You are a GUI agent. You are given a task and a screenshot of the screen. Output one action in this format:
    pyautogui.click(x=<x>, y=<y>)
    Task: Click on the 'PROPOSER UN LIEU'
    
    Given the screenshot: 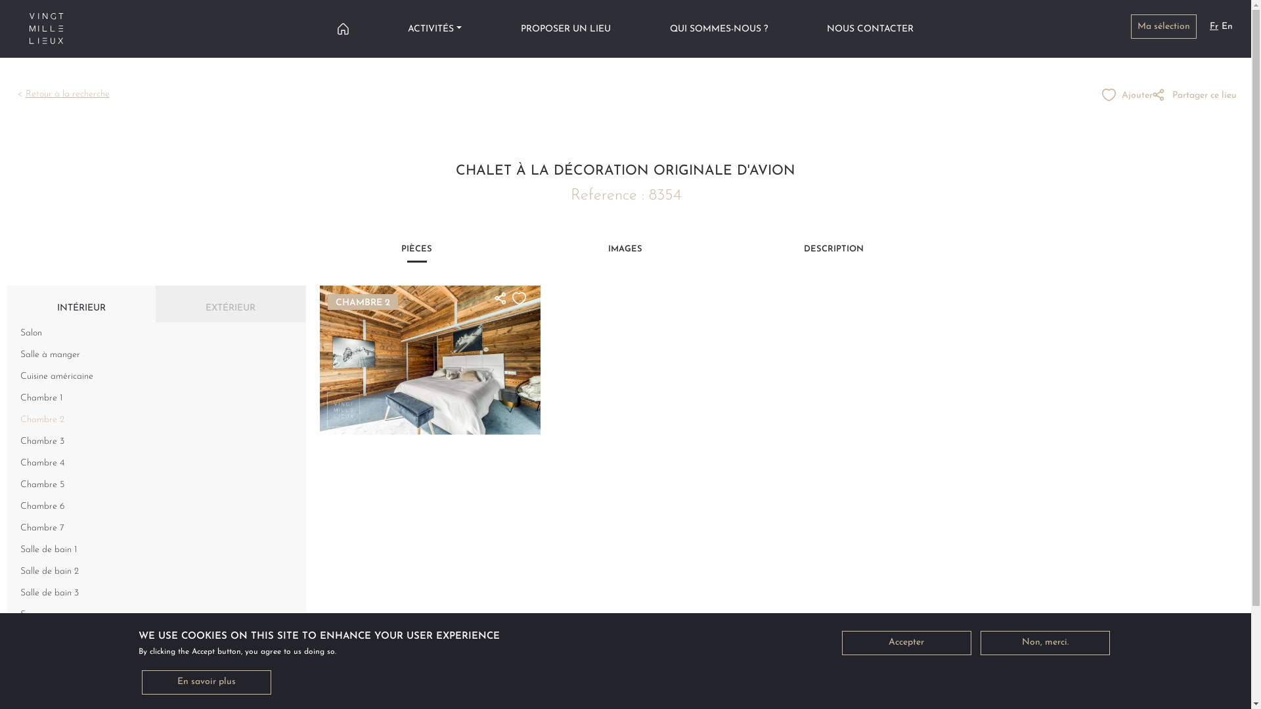 What is the action you would take?
    pyautogui.click(x=520, y=28)
    